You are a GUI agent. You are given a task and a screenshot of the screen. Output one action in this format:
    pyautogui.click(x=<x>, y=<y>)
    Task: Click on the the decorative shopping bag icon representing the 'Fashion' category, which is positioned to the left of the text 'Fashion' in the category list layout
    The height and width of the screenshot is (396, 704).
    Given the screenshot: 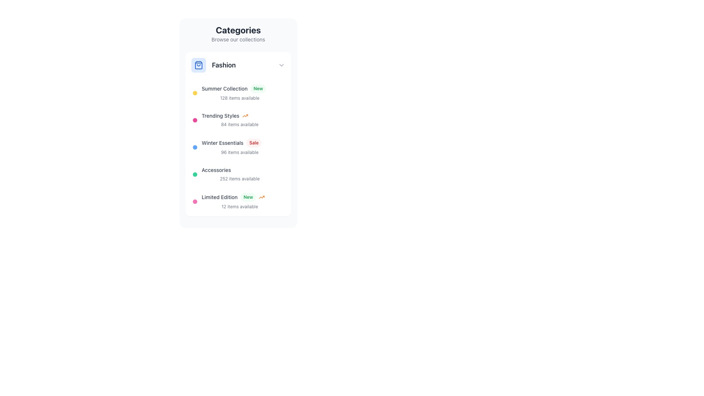 What is the action you would take?
    pyautogui.click(x=199, y=65)
    